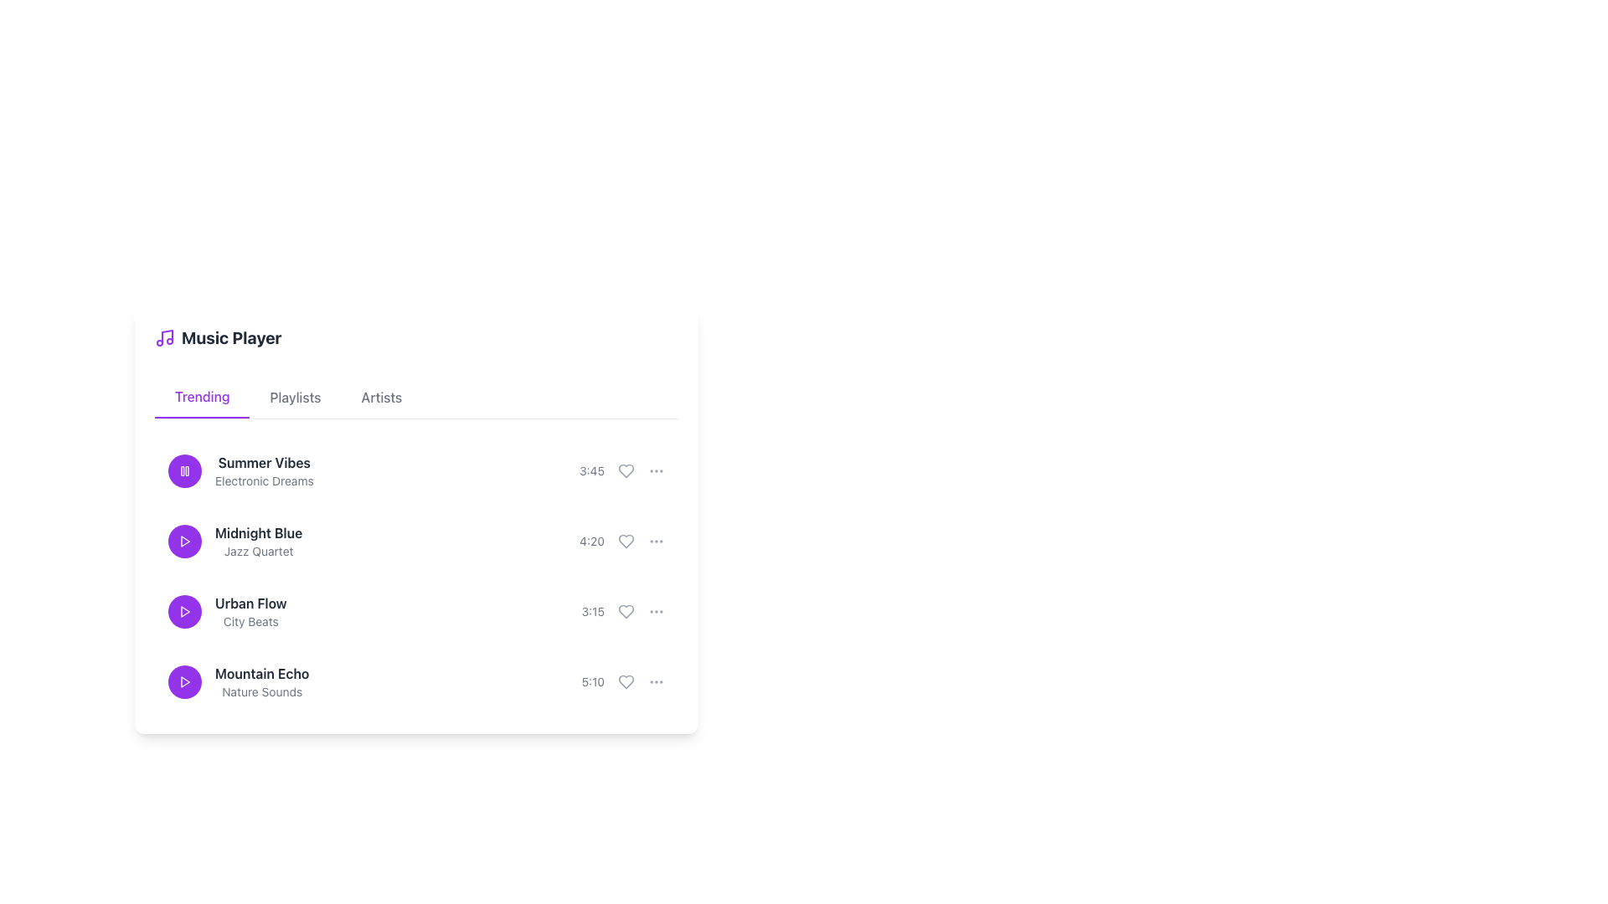 The height and width of the screenshot is (904, 1608). Describe the element at coordinates (258, 542) in the screenshot. I see `text from the Text display element titled 'Midnight Blue' and 'Jazz Quartet', which is the second item in the list under the heading 'Trending' in the music player interface` at that location.